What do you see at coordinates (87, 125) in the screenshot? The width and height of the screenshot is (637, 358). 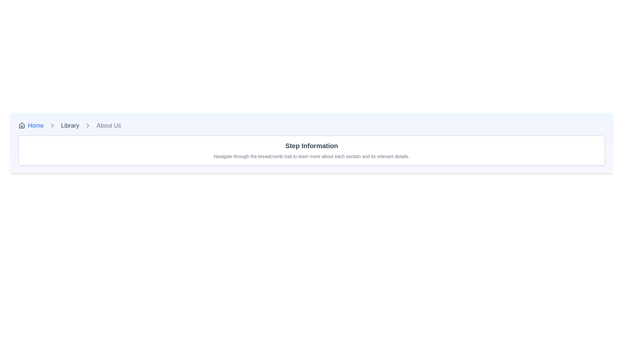 I see `the right-facing chevron icon in the breadcrumb navigation, which is located after the 'Library' text and before the 'About Us' text` at bounding box center [87, 125].